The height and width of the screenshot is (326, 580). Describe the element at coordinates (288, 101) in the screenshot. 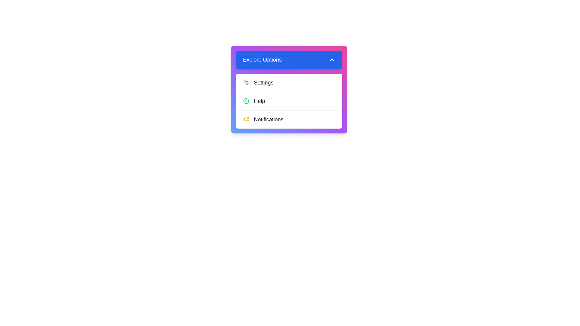

I see `the menu item Help` at that location.